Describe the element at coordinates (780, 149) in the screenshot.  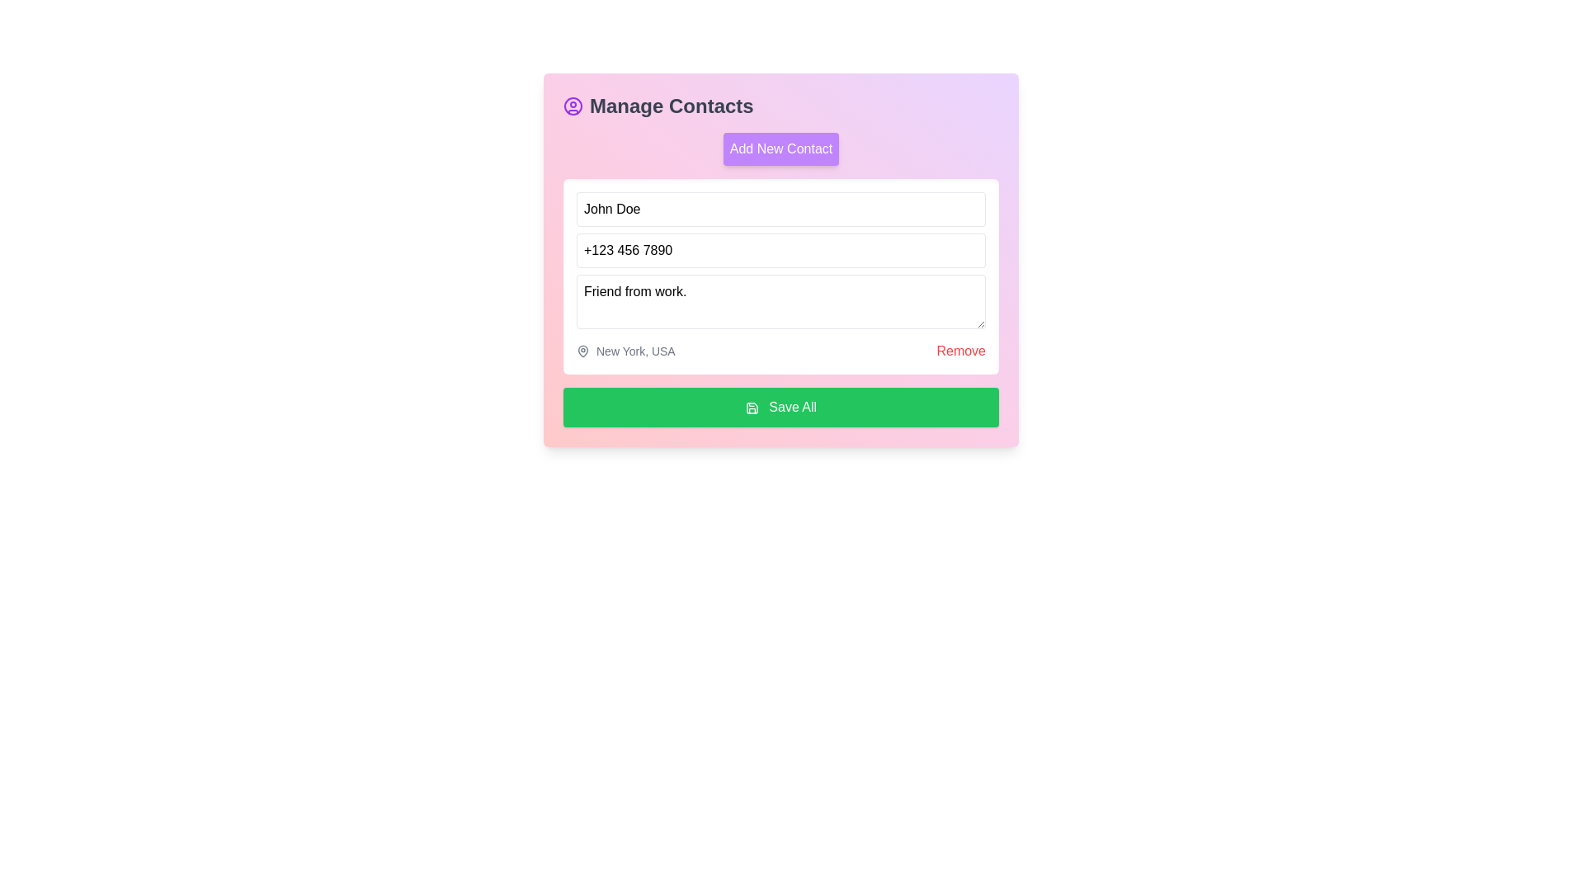
I see `the 'Add New Contact' button located below the 'Manage Contacts' title` at that location.